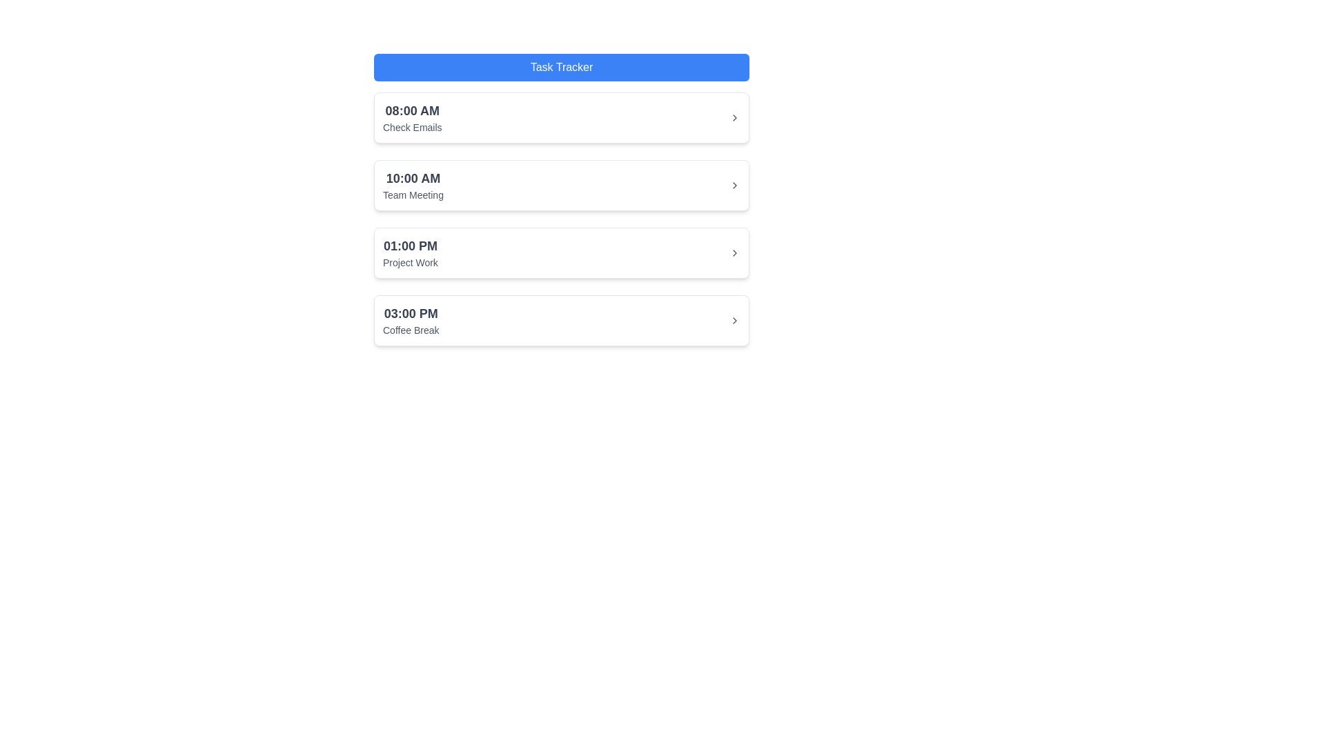 This screenshot has width=1325, height=745. I want to click on the static text label that provides descriptive information for the scheduled task associated with the '03:00 PM' time slot, located within the fourth item of a vertically aligned list of time blocks, so click(410, 330).